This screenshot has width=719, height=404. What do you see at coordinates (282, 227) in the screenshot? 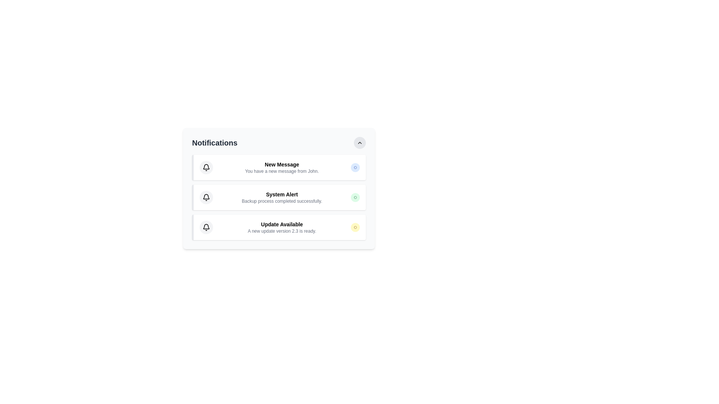
I see `the 'Update Available' notification text, which is a bold title indicating an available update, located in the third position of the notification list` at bounding box center [282, 227].